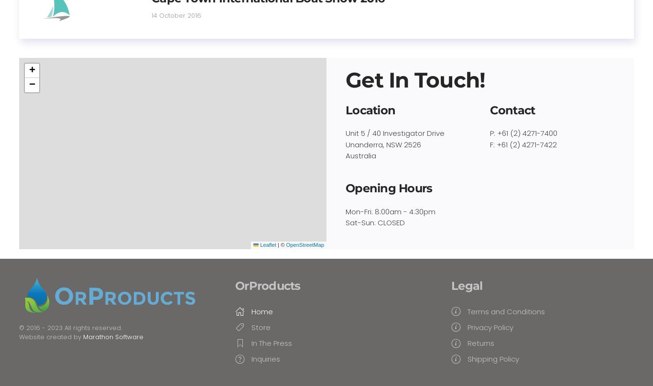  I want to click on '14 October 2016', so click(152, 15).